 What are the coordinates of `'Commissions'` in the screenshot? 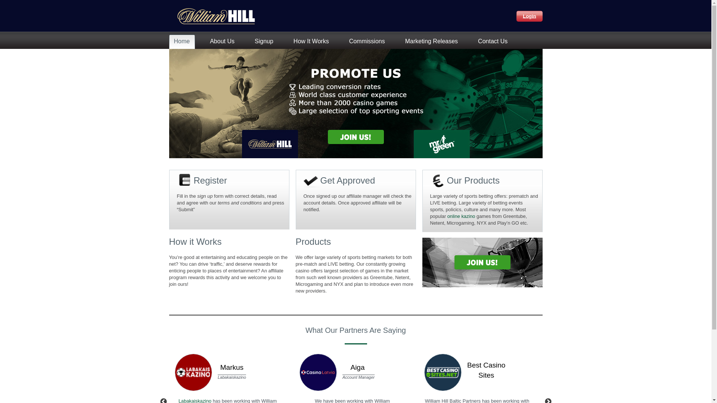 It's located at (369, 41).